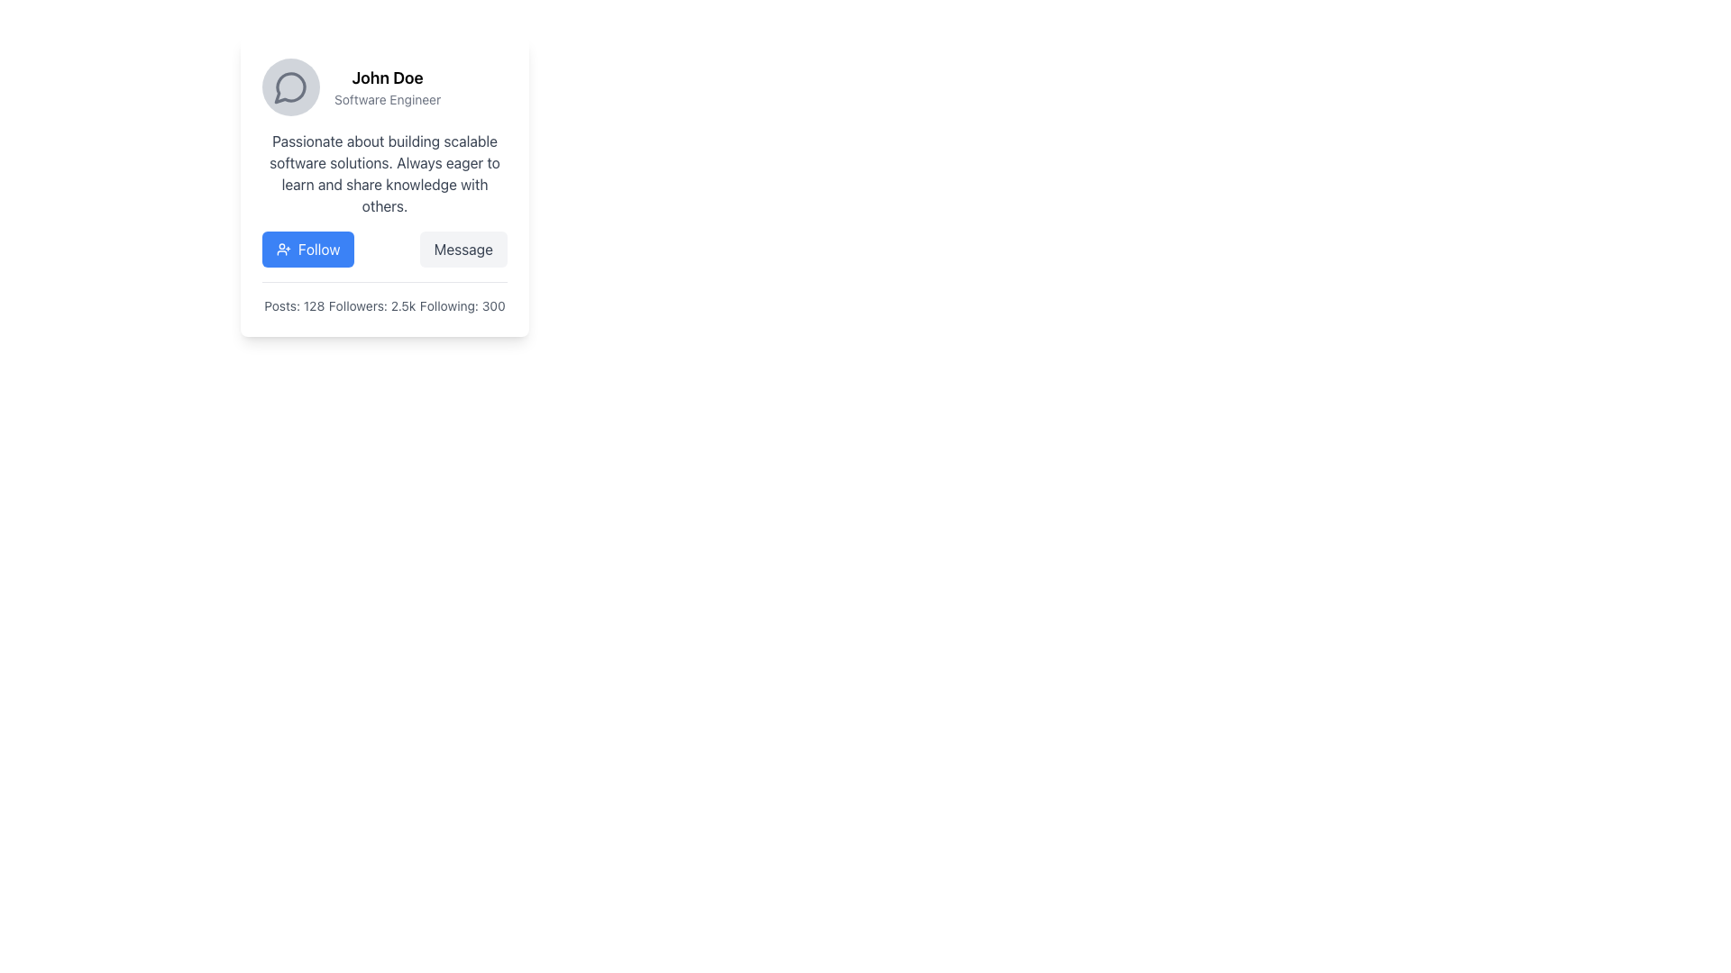 The width and height of the screenshot is (1731, 973). What do you see at coordinates (463, 305) in the screenshot?
I see `the text element displaying 'Following: 300', which is the third item in a horizontal list of user statistics on the profile card` at bounding box center [463, 305].